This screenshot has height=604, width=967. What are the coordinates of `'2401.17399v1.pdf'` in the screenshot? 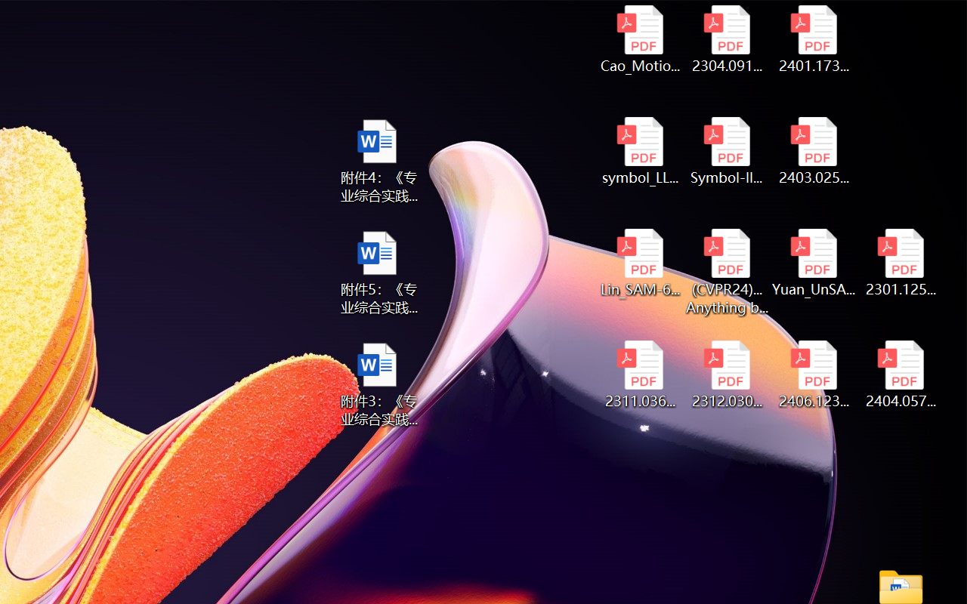 It's located at (813, 39).